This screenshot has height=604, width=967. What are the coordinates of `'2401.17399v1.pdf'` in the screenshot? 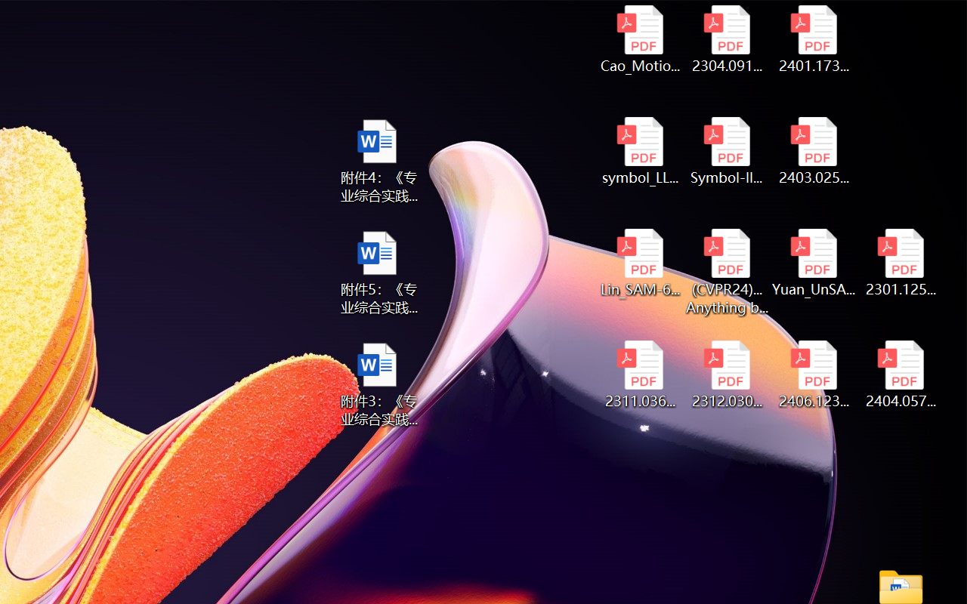 It's located at (813, 39).